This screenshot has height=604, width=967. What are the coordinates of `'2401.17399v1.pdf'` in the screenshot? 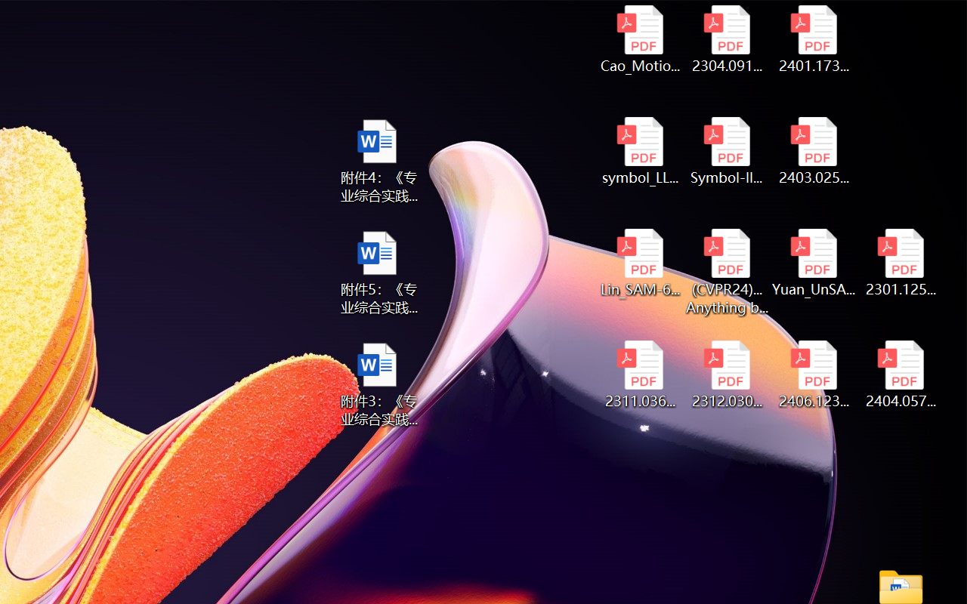 It's located at (813, 39).